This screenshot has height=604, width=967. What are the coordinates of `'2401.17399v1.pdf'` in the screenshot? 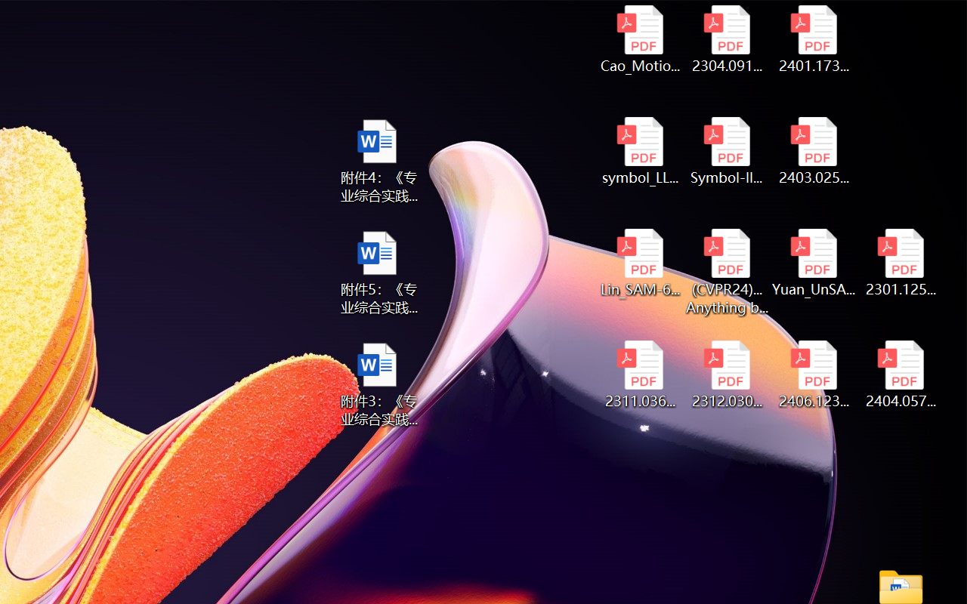 It's located at (813, 39).